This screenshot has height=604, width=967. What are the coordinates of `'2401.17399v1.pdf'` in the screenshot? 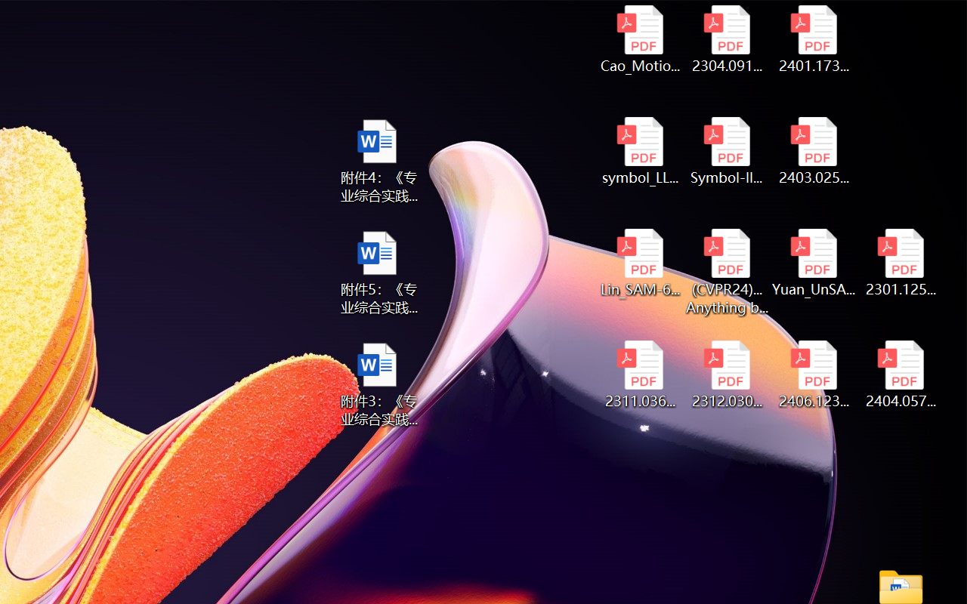 It's located at (813, 39).